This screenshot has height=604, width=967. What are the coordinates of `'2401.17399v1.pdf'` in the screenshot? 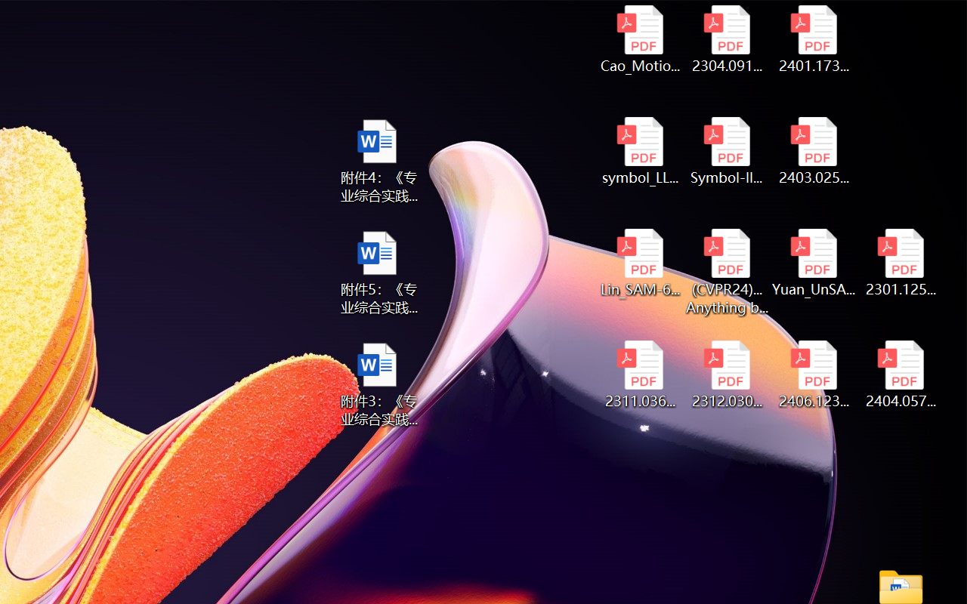 It's located at (813, 39).